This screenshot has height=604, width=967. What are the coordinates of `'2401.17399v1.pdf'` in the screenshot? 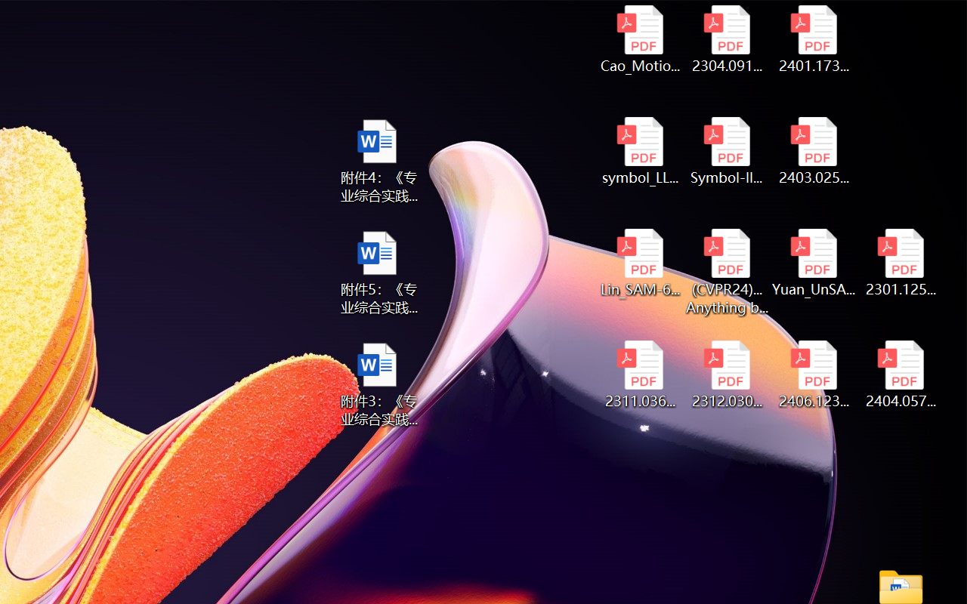 It's located at (813, 39).